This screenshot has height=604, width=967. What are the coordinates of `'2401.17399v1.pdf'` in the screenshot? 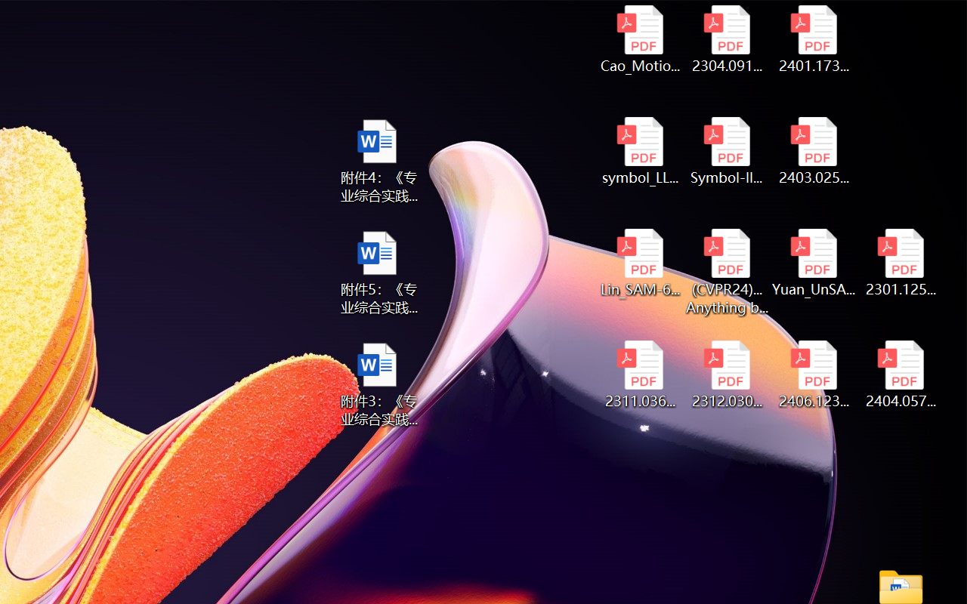 It's located at (813, 39).